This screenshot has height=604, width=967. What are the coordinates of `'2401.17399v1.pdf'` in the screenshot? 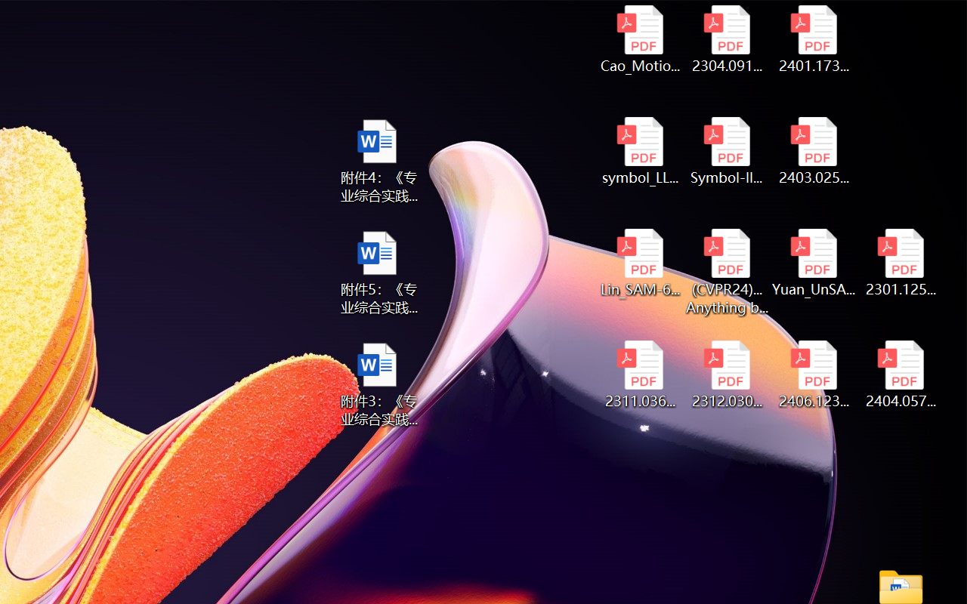 It's located at (813, 39).